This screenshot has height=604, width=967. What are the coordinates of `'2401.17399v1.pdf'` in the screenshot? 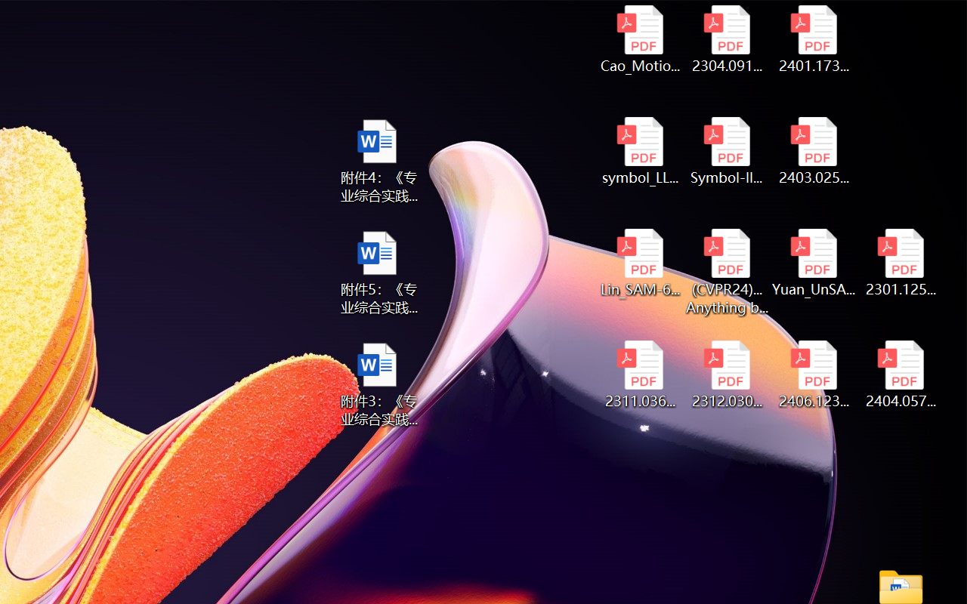 It's located at (813, 39).